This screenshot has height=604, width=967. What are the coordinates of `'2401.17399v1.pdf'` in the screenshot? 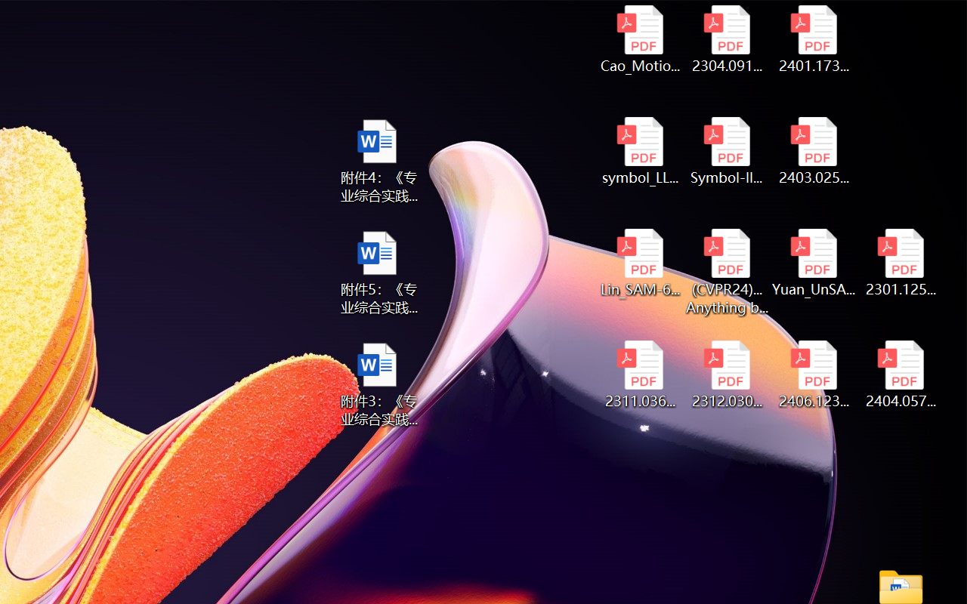 It's located at (813, 39).